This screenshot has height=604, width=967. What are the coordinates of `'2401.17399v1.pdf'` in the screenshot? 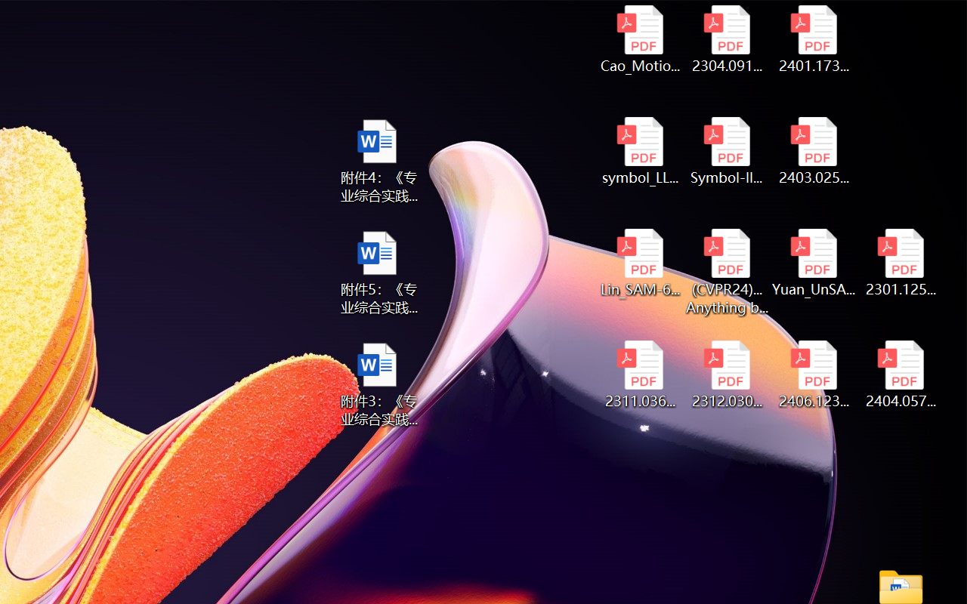 It's located at (813, 39).